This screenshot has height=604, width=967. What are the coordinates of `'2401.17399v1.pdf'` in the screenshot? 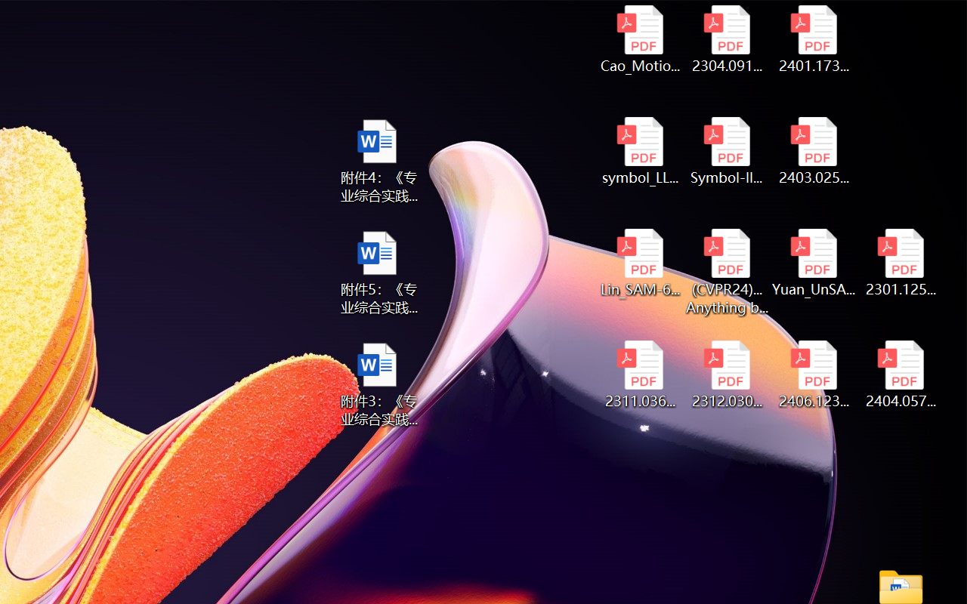 It's located at (813, 39).